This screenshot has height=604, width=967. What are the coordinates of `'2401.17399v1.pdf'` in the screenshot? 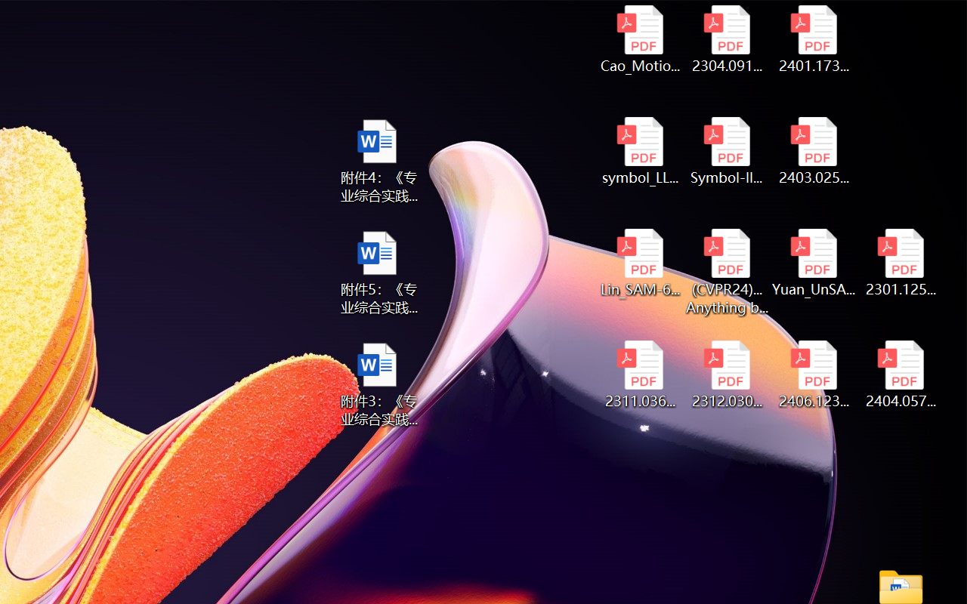 It's located at (813, 39).